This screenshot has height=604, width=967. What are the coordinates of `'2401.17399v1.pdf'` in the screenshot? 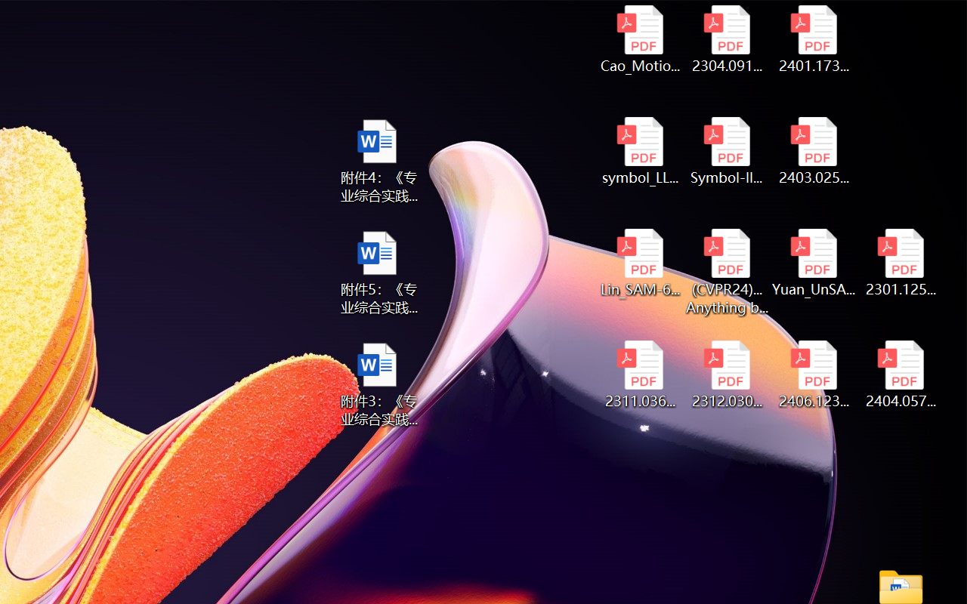 It's located at (813, 39).